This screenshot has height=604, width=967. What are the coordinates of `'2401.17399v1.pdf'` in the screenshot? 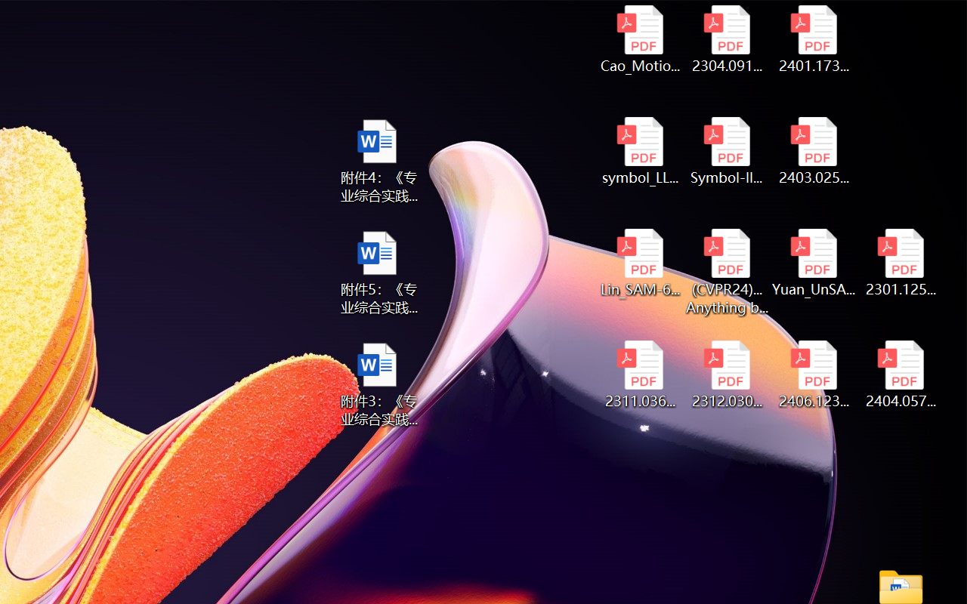 It's located at (813, 39).